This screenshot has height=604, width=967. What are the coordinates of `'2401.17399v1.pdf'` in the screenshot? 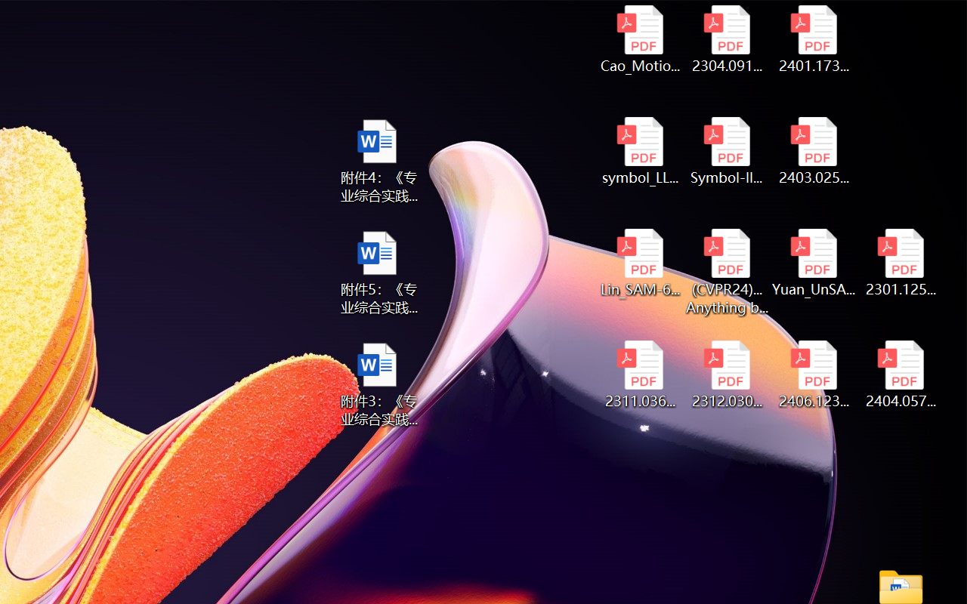 It's located at (813, 39).